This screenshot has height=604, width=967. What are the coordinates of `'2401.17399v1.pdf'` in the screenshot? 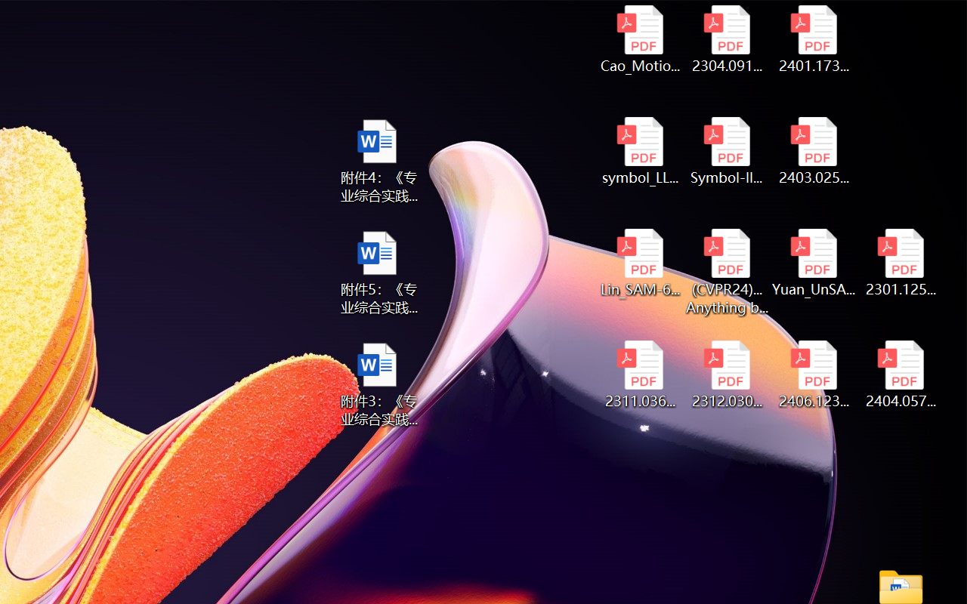 It's located at (813, 39).